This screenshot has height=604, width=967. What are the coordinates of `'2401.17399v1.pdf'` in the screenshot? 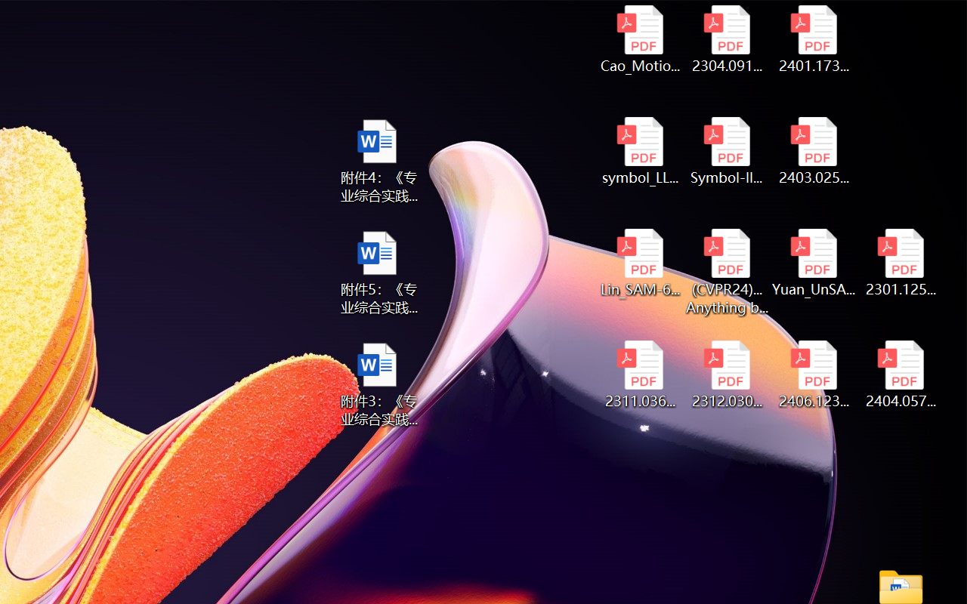 It's located at (813, 39).